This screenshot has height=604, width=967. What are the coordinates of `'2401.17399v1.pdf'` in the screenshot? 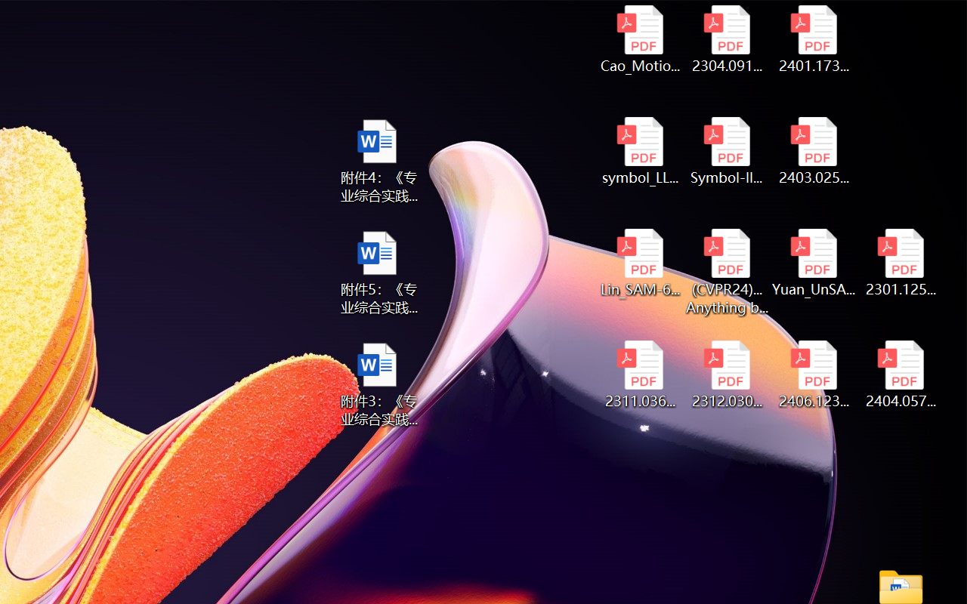 It's located at (813, 39).